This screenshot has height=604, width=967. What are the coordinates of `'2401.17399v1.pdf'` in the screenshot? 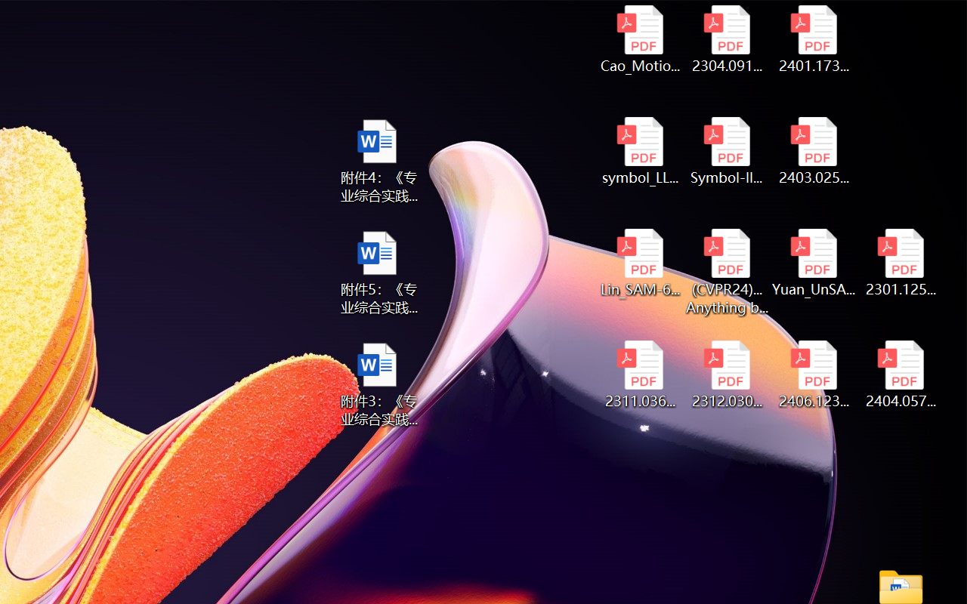 It's located at (813, 39).